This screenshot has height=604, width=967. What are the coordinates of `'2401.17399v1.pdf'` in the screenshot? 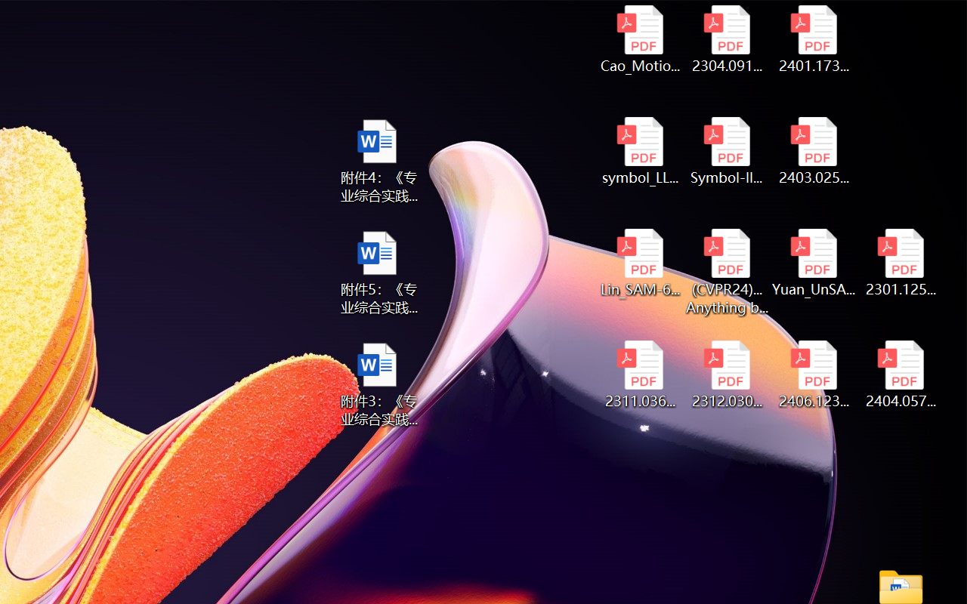 It's located at (813, 39).